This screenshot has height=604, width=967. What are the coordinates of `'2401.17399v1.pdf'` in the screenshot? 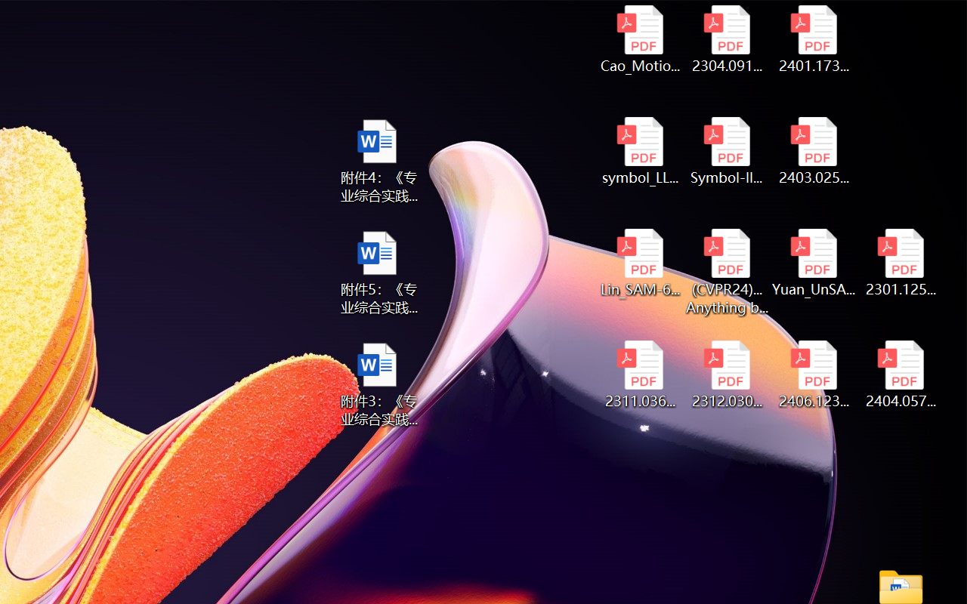 It's located at (813, 39).